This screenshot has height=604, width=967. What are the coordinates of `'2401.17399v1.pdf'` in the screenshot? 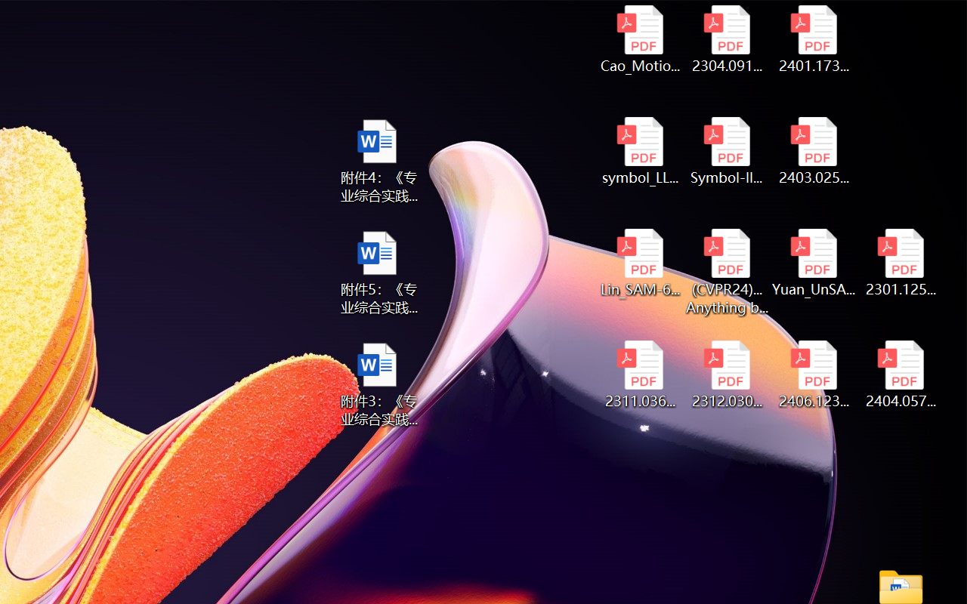 It's located at (813, 39).